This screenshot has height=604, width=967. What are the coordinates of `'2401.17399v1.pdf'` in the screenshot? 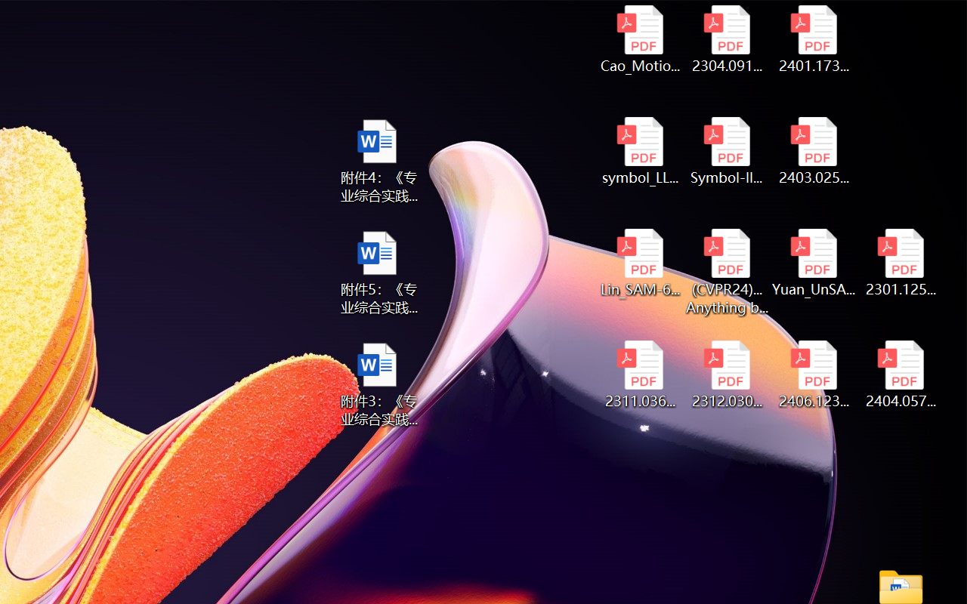 It's located at (813, 39).